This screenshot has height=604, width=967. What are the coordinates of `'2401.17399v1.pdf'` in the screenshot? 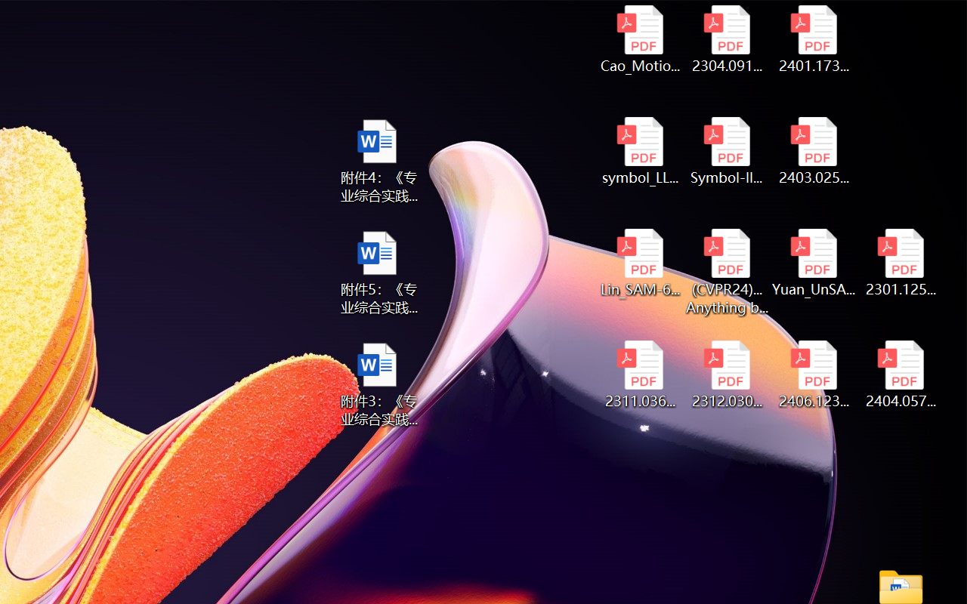 It's located at (813, 39).